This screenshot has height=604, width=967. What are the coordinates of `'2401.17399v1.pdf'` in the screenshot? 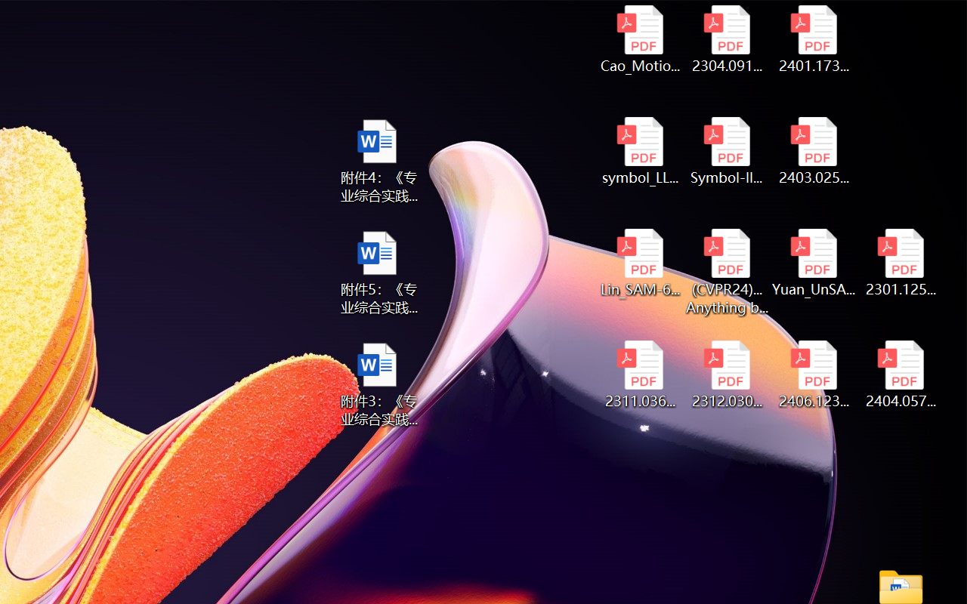 It's located at (813, 39).